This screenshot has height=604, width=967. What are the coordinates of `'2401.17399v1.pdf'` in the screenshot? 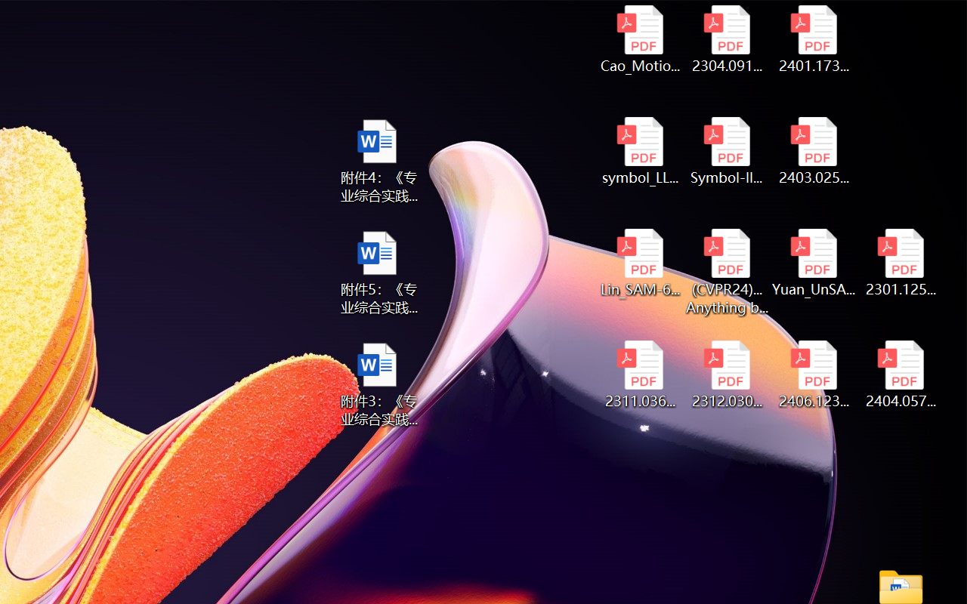 It's located at (813, 39).